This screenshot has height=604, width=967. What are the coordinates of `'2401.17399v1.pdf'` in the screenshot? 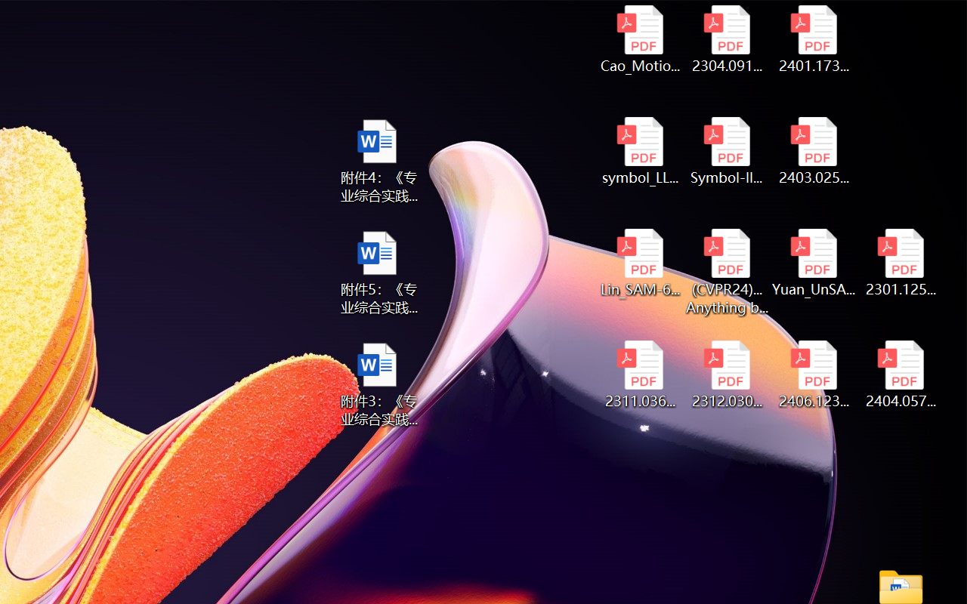 It's located at (813, 39).